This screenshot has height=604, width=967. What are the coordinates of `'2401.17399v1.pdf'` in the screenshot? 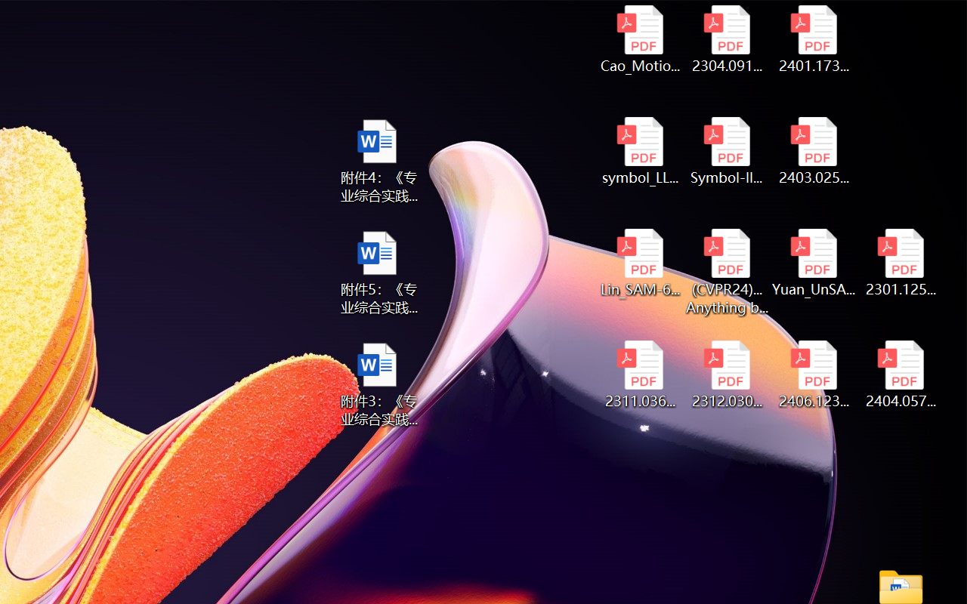 It's located at (813, 39).